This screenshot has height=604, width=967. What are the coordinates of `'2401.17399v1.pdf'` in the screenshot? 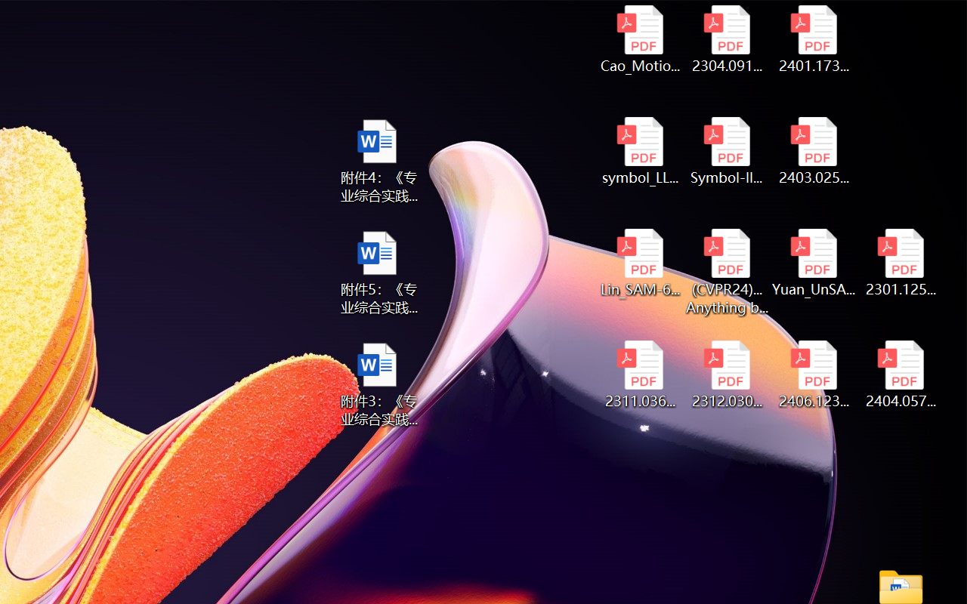 It's located at (813, 39).